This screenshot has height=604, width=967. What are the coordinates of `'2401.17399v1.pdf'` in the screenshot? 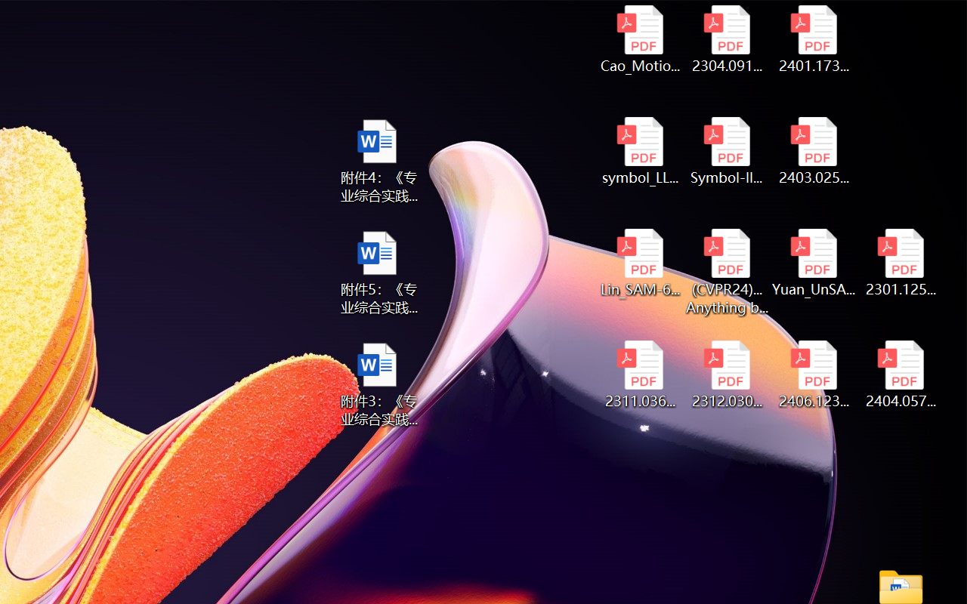 It's located at (813, 39).